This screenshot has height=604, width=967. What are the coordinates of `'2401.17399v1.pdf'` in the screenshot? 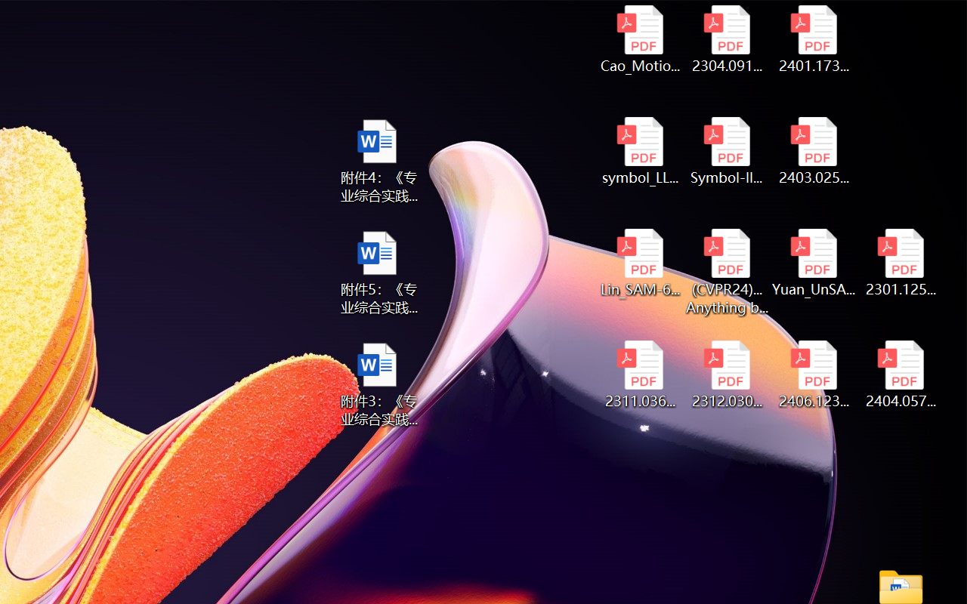 It's located at (813, 39).